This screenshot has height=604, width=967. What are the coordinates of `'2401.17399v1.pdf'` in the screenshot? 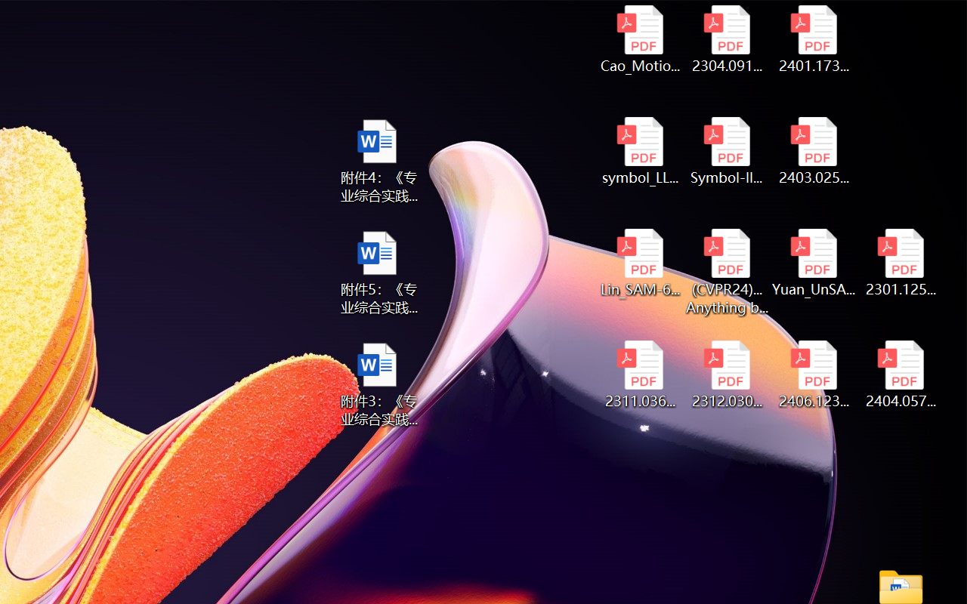 It's located at (813, 39).